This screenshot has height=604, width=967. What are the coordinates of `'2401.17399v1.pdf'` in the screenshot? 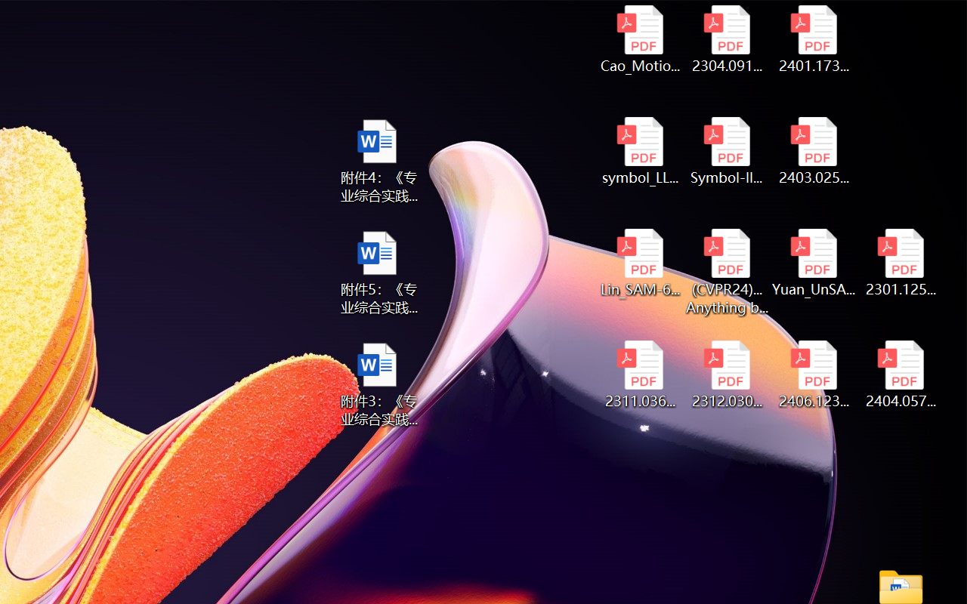 It's located at (813, 39).